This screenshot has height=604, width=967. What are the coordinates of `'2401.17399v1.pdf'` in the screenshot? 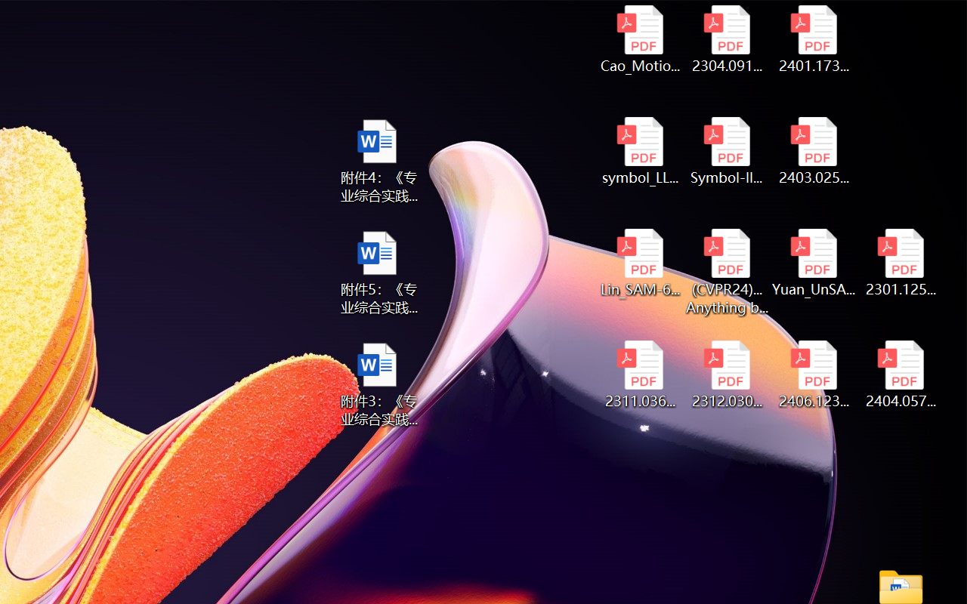 It's located at (813, 39).